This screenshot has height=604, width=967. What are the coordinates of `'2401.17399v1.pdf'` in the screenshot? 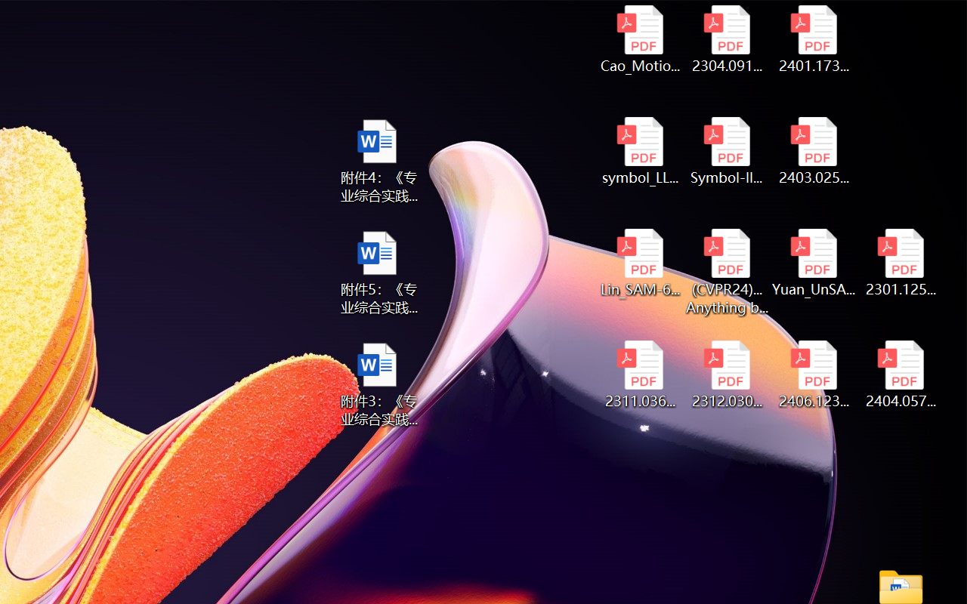 It's located at (813, 39).